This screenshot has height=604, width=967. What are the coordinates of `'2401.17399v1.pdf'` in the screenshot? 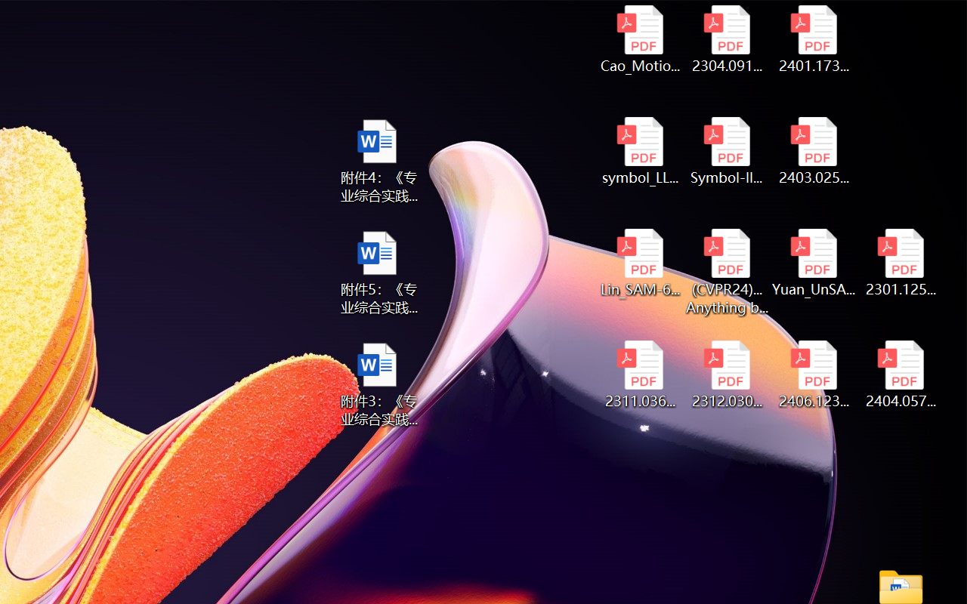 It's located at (813, 39).